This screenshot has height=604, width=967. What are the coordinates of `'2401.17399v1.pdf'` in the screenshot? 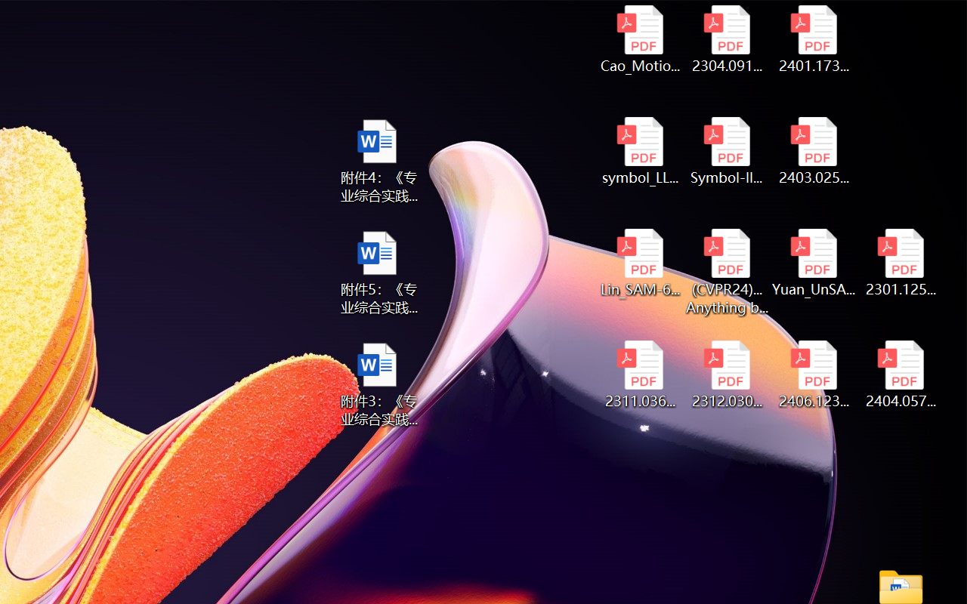 It's located at (813, 39).